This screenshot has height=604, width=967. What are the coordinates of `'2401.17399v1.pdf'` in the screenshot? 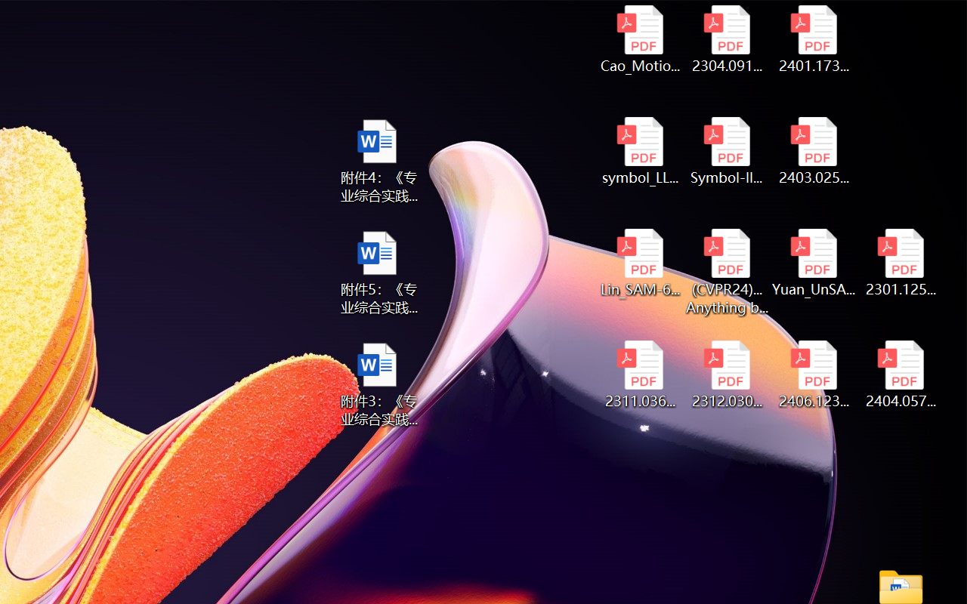 It's located at (813, 39).